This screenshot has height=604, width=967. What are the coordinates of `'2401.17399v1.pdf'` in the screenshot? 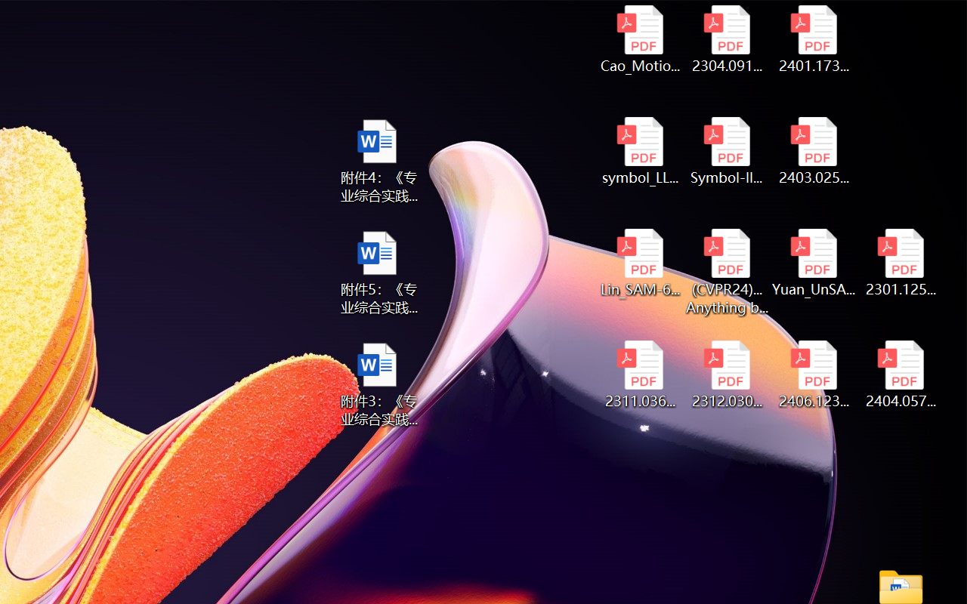 It's located at (813, 39).